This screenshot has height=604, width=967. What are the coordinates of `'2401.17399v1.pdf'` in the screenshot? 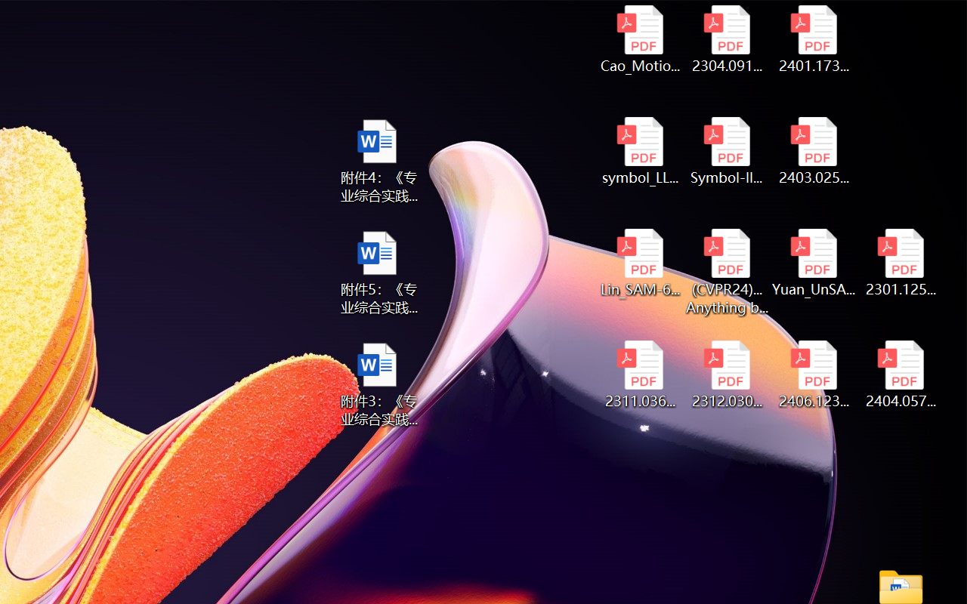 It's located at (813, 39).